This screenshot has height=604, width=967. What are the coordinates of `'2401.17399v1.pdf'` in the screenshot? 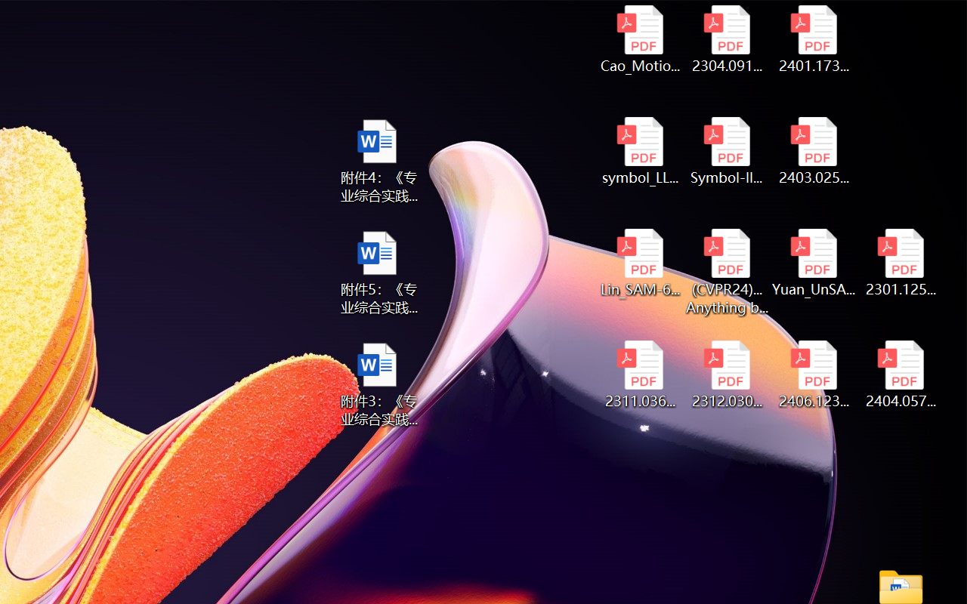 It's located at (813, 39).